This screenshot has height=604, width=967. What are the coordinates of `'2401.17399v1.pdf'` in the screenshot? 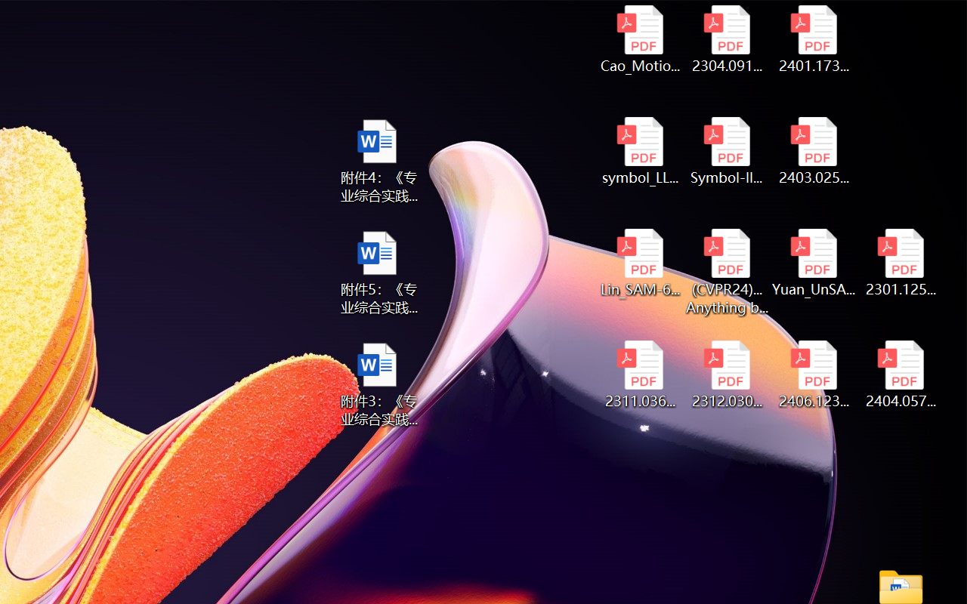 It's located at (813, 39).